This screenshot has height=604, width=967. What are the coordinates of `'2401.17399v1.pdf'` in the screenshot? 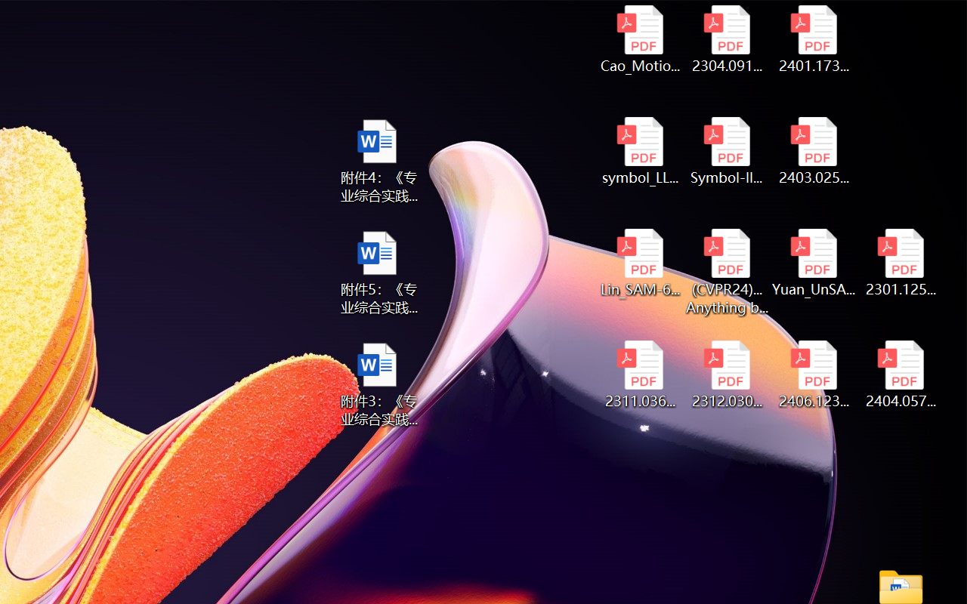 It's located at (813, 39).